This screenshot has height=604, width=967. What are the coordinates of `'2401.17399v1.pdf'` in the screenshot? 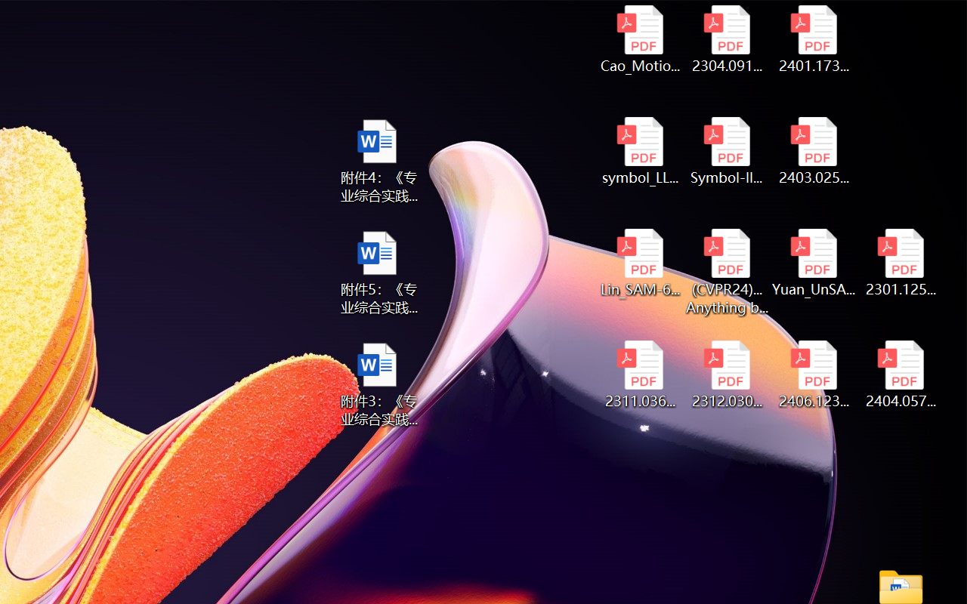 It's located at (813, 39).